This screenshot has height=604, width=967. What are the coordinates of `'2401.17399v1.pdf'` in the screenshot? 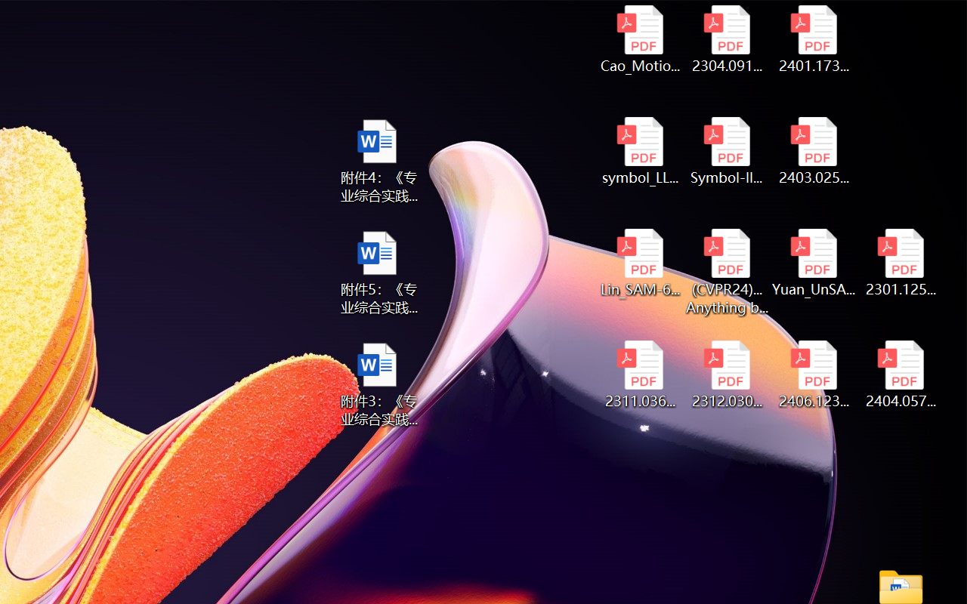 It's located at (813, 39).